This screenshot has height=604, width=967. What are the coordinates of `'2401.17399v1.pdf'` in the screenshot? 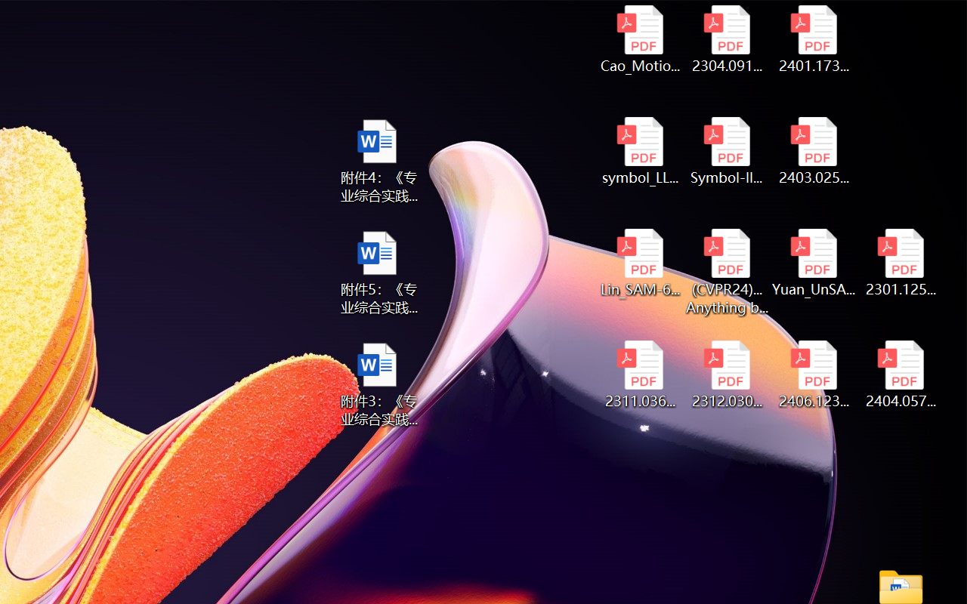 It's located at (813, 39).